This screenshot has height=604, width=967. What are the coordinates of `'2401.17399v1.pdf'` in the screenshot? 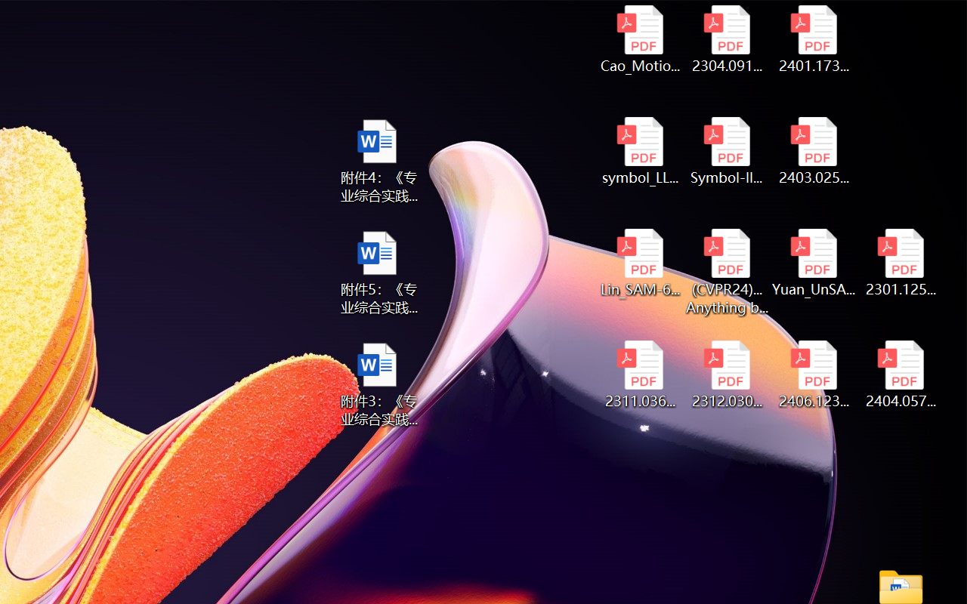 It's located at (813, 39).